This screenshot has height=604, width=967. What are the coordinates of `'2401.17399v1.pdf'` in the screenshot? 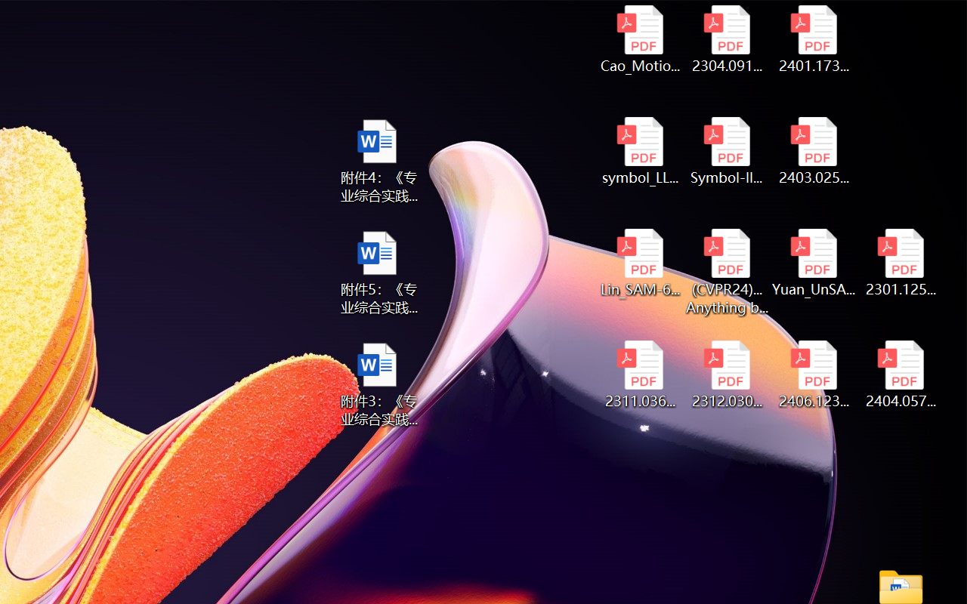 It's located at (813, 39).